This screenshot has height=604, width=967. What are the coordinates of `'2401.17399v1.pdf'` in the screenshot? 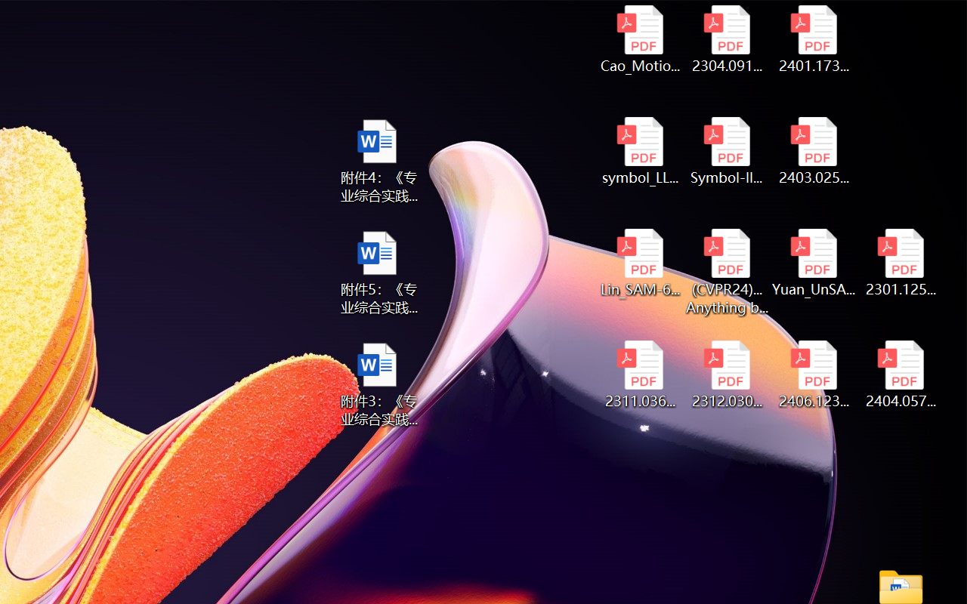 It's located at (813, 39).